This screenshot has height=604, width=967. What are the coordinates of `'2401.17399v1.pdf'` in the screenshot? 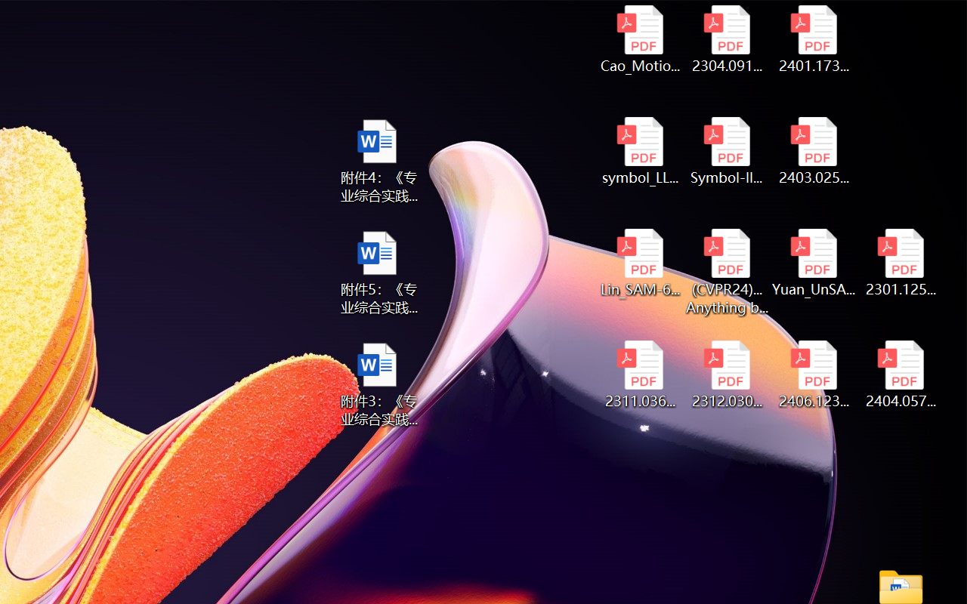 It's located at (813, 39).